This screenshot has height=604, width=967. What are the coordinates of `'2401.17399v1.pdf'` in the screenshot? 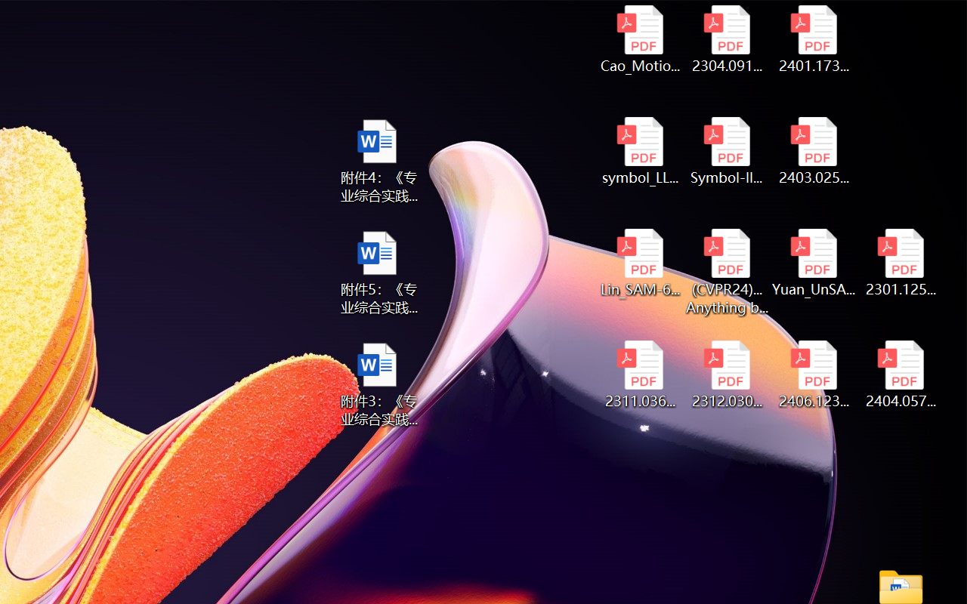 It's located at (813, 39).